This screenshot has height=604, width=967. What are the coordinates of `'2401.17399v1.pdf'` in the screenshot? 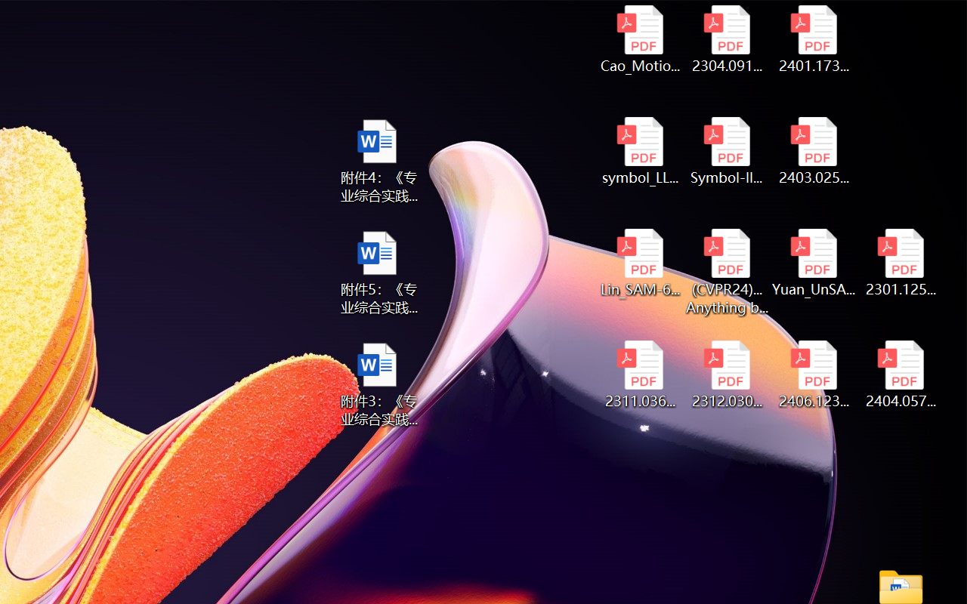 It's located at (813, 39).